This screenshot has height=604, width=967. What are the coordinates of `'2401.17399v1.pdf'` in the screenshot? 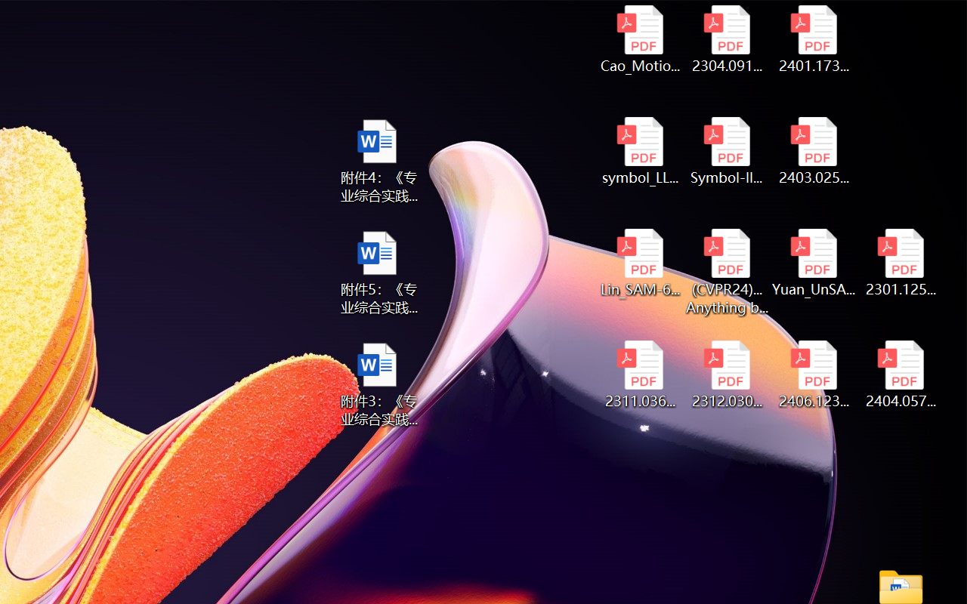 It's located at (813, 39).